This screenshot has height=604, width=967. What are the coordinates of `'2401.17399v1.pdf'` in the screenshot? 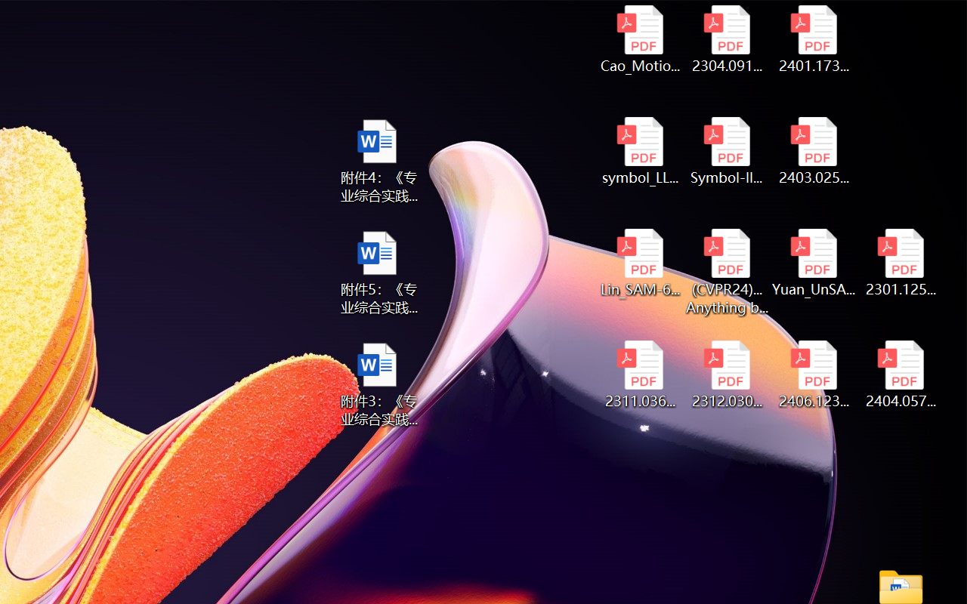 It's located at (813, 39).